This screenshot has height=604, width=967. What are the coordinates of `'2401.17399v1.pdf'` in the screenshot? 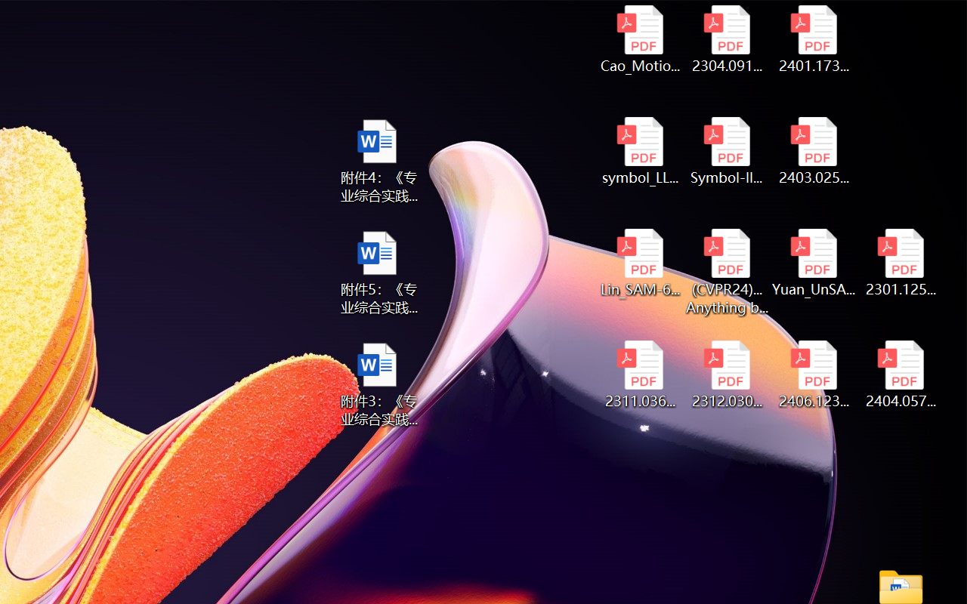 It's located at (813, 39).